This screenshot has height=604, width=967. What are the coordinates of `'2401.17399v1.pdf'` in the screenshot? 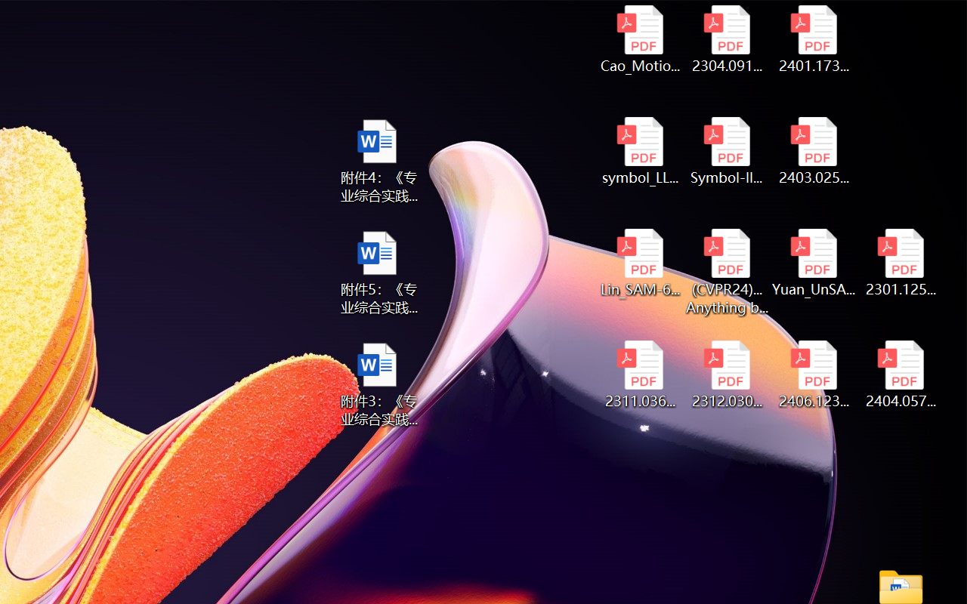 It's located at (813, 39).